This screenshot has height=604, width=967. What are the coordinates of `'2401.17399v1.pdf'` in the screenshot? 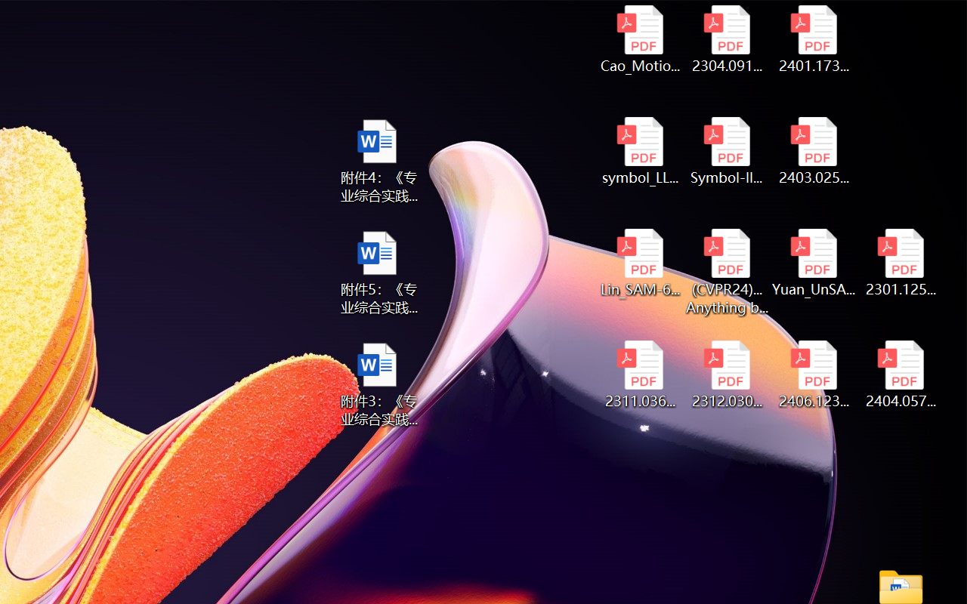 It's located at (813, 39).